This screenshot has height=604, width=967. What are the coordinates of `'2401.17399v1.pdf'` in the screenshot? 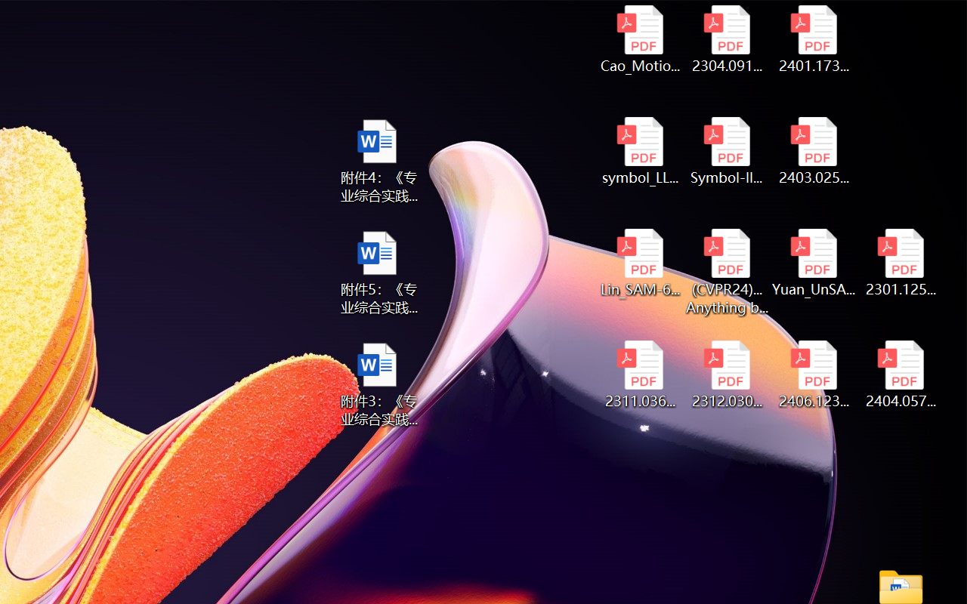 It's located at (813, 39).